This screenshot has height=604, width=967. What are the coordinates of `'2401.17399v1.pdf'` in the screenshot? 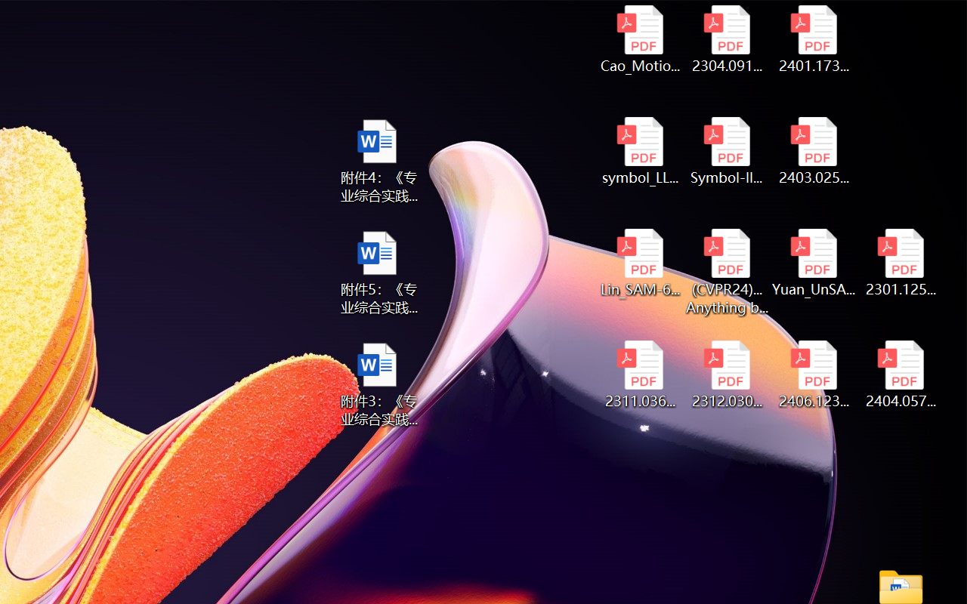 It's located at (813, 39).